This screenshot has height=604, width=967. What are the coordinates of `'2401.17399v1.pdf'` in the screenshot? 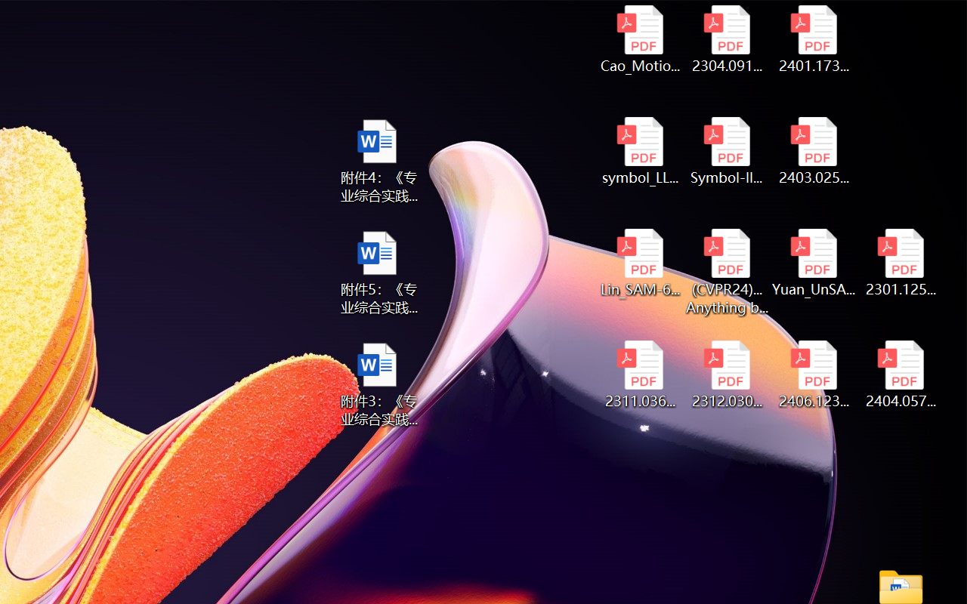 It's located at (813, 39).